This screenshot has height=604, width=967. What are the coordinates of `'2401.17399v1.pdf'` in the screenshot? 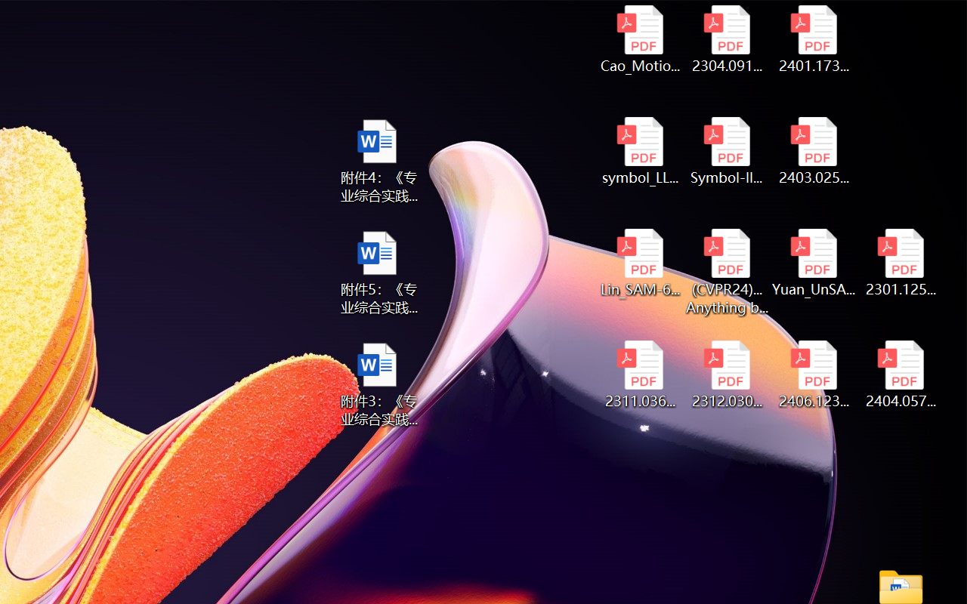 It's located at (813, 39).